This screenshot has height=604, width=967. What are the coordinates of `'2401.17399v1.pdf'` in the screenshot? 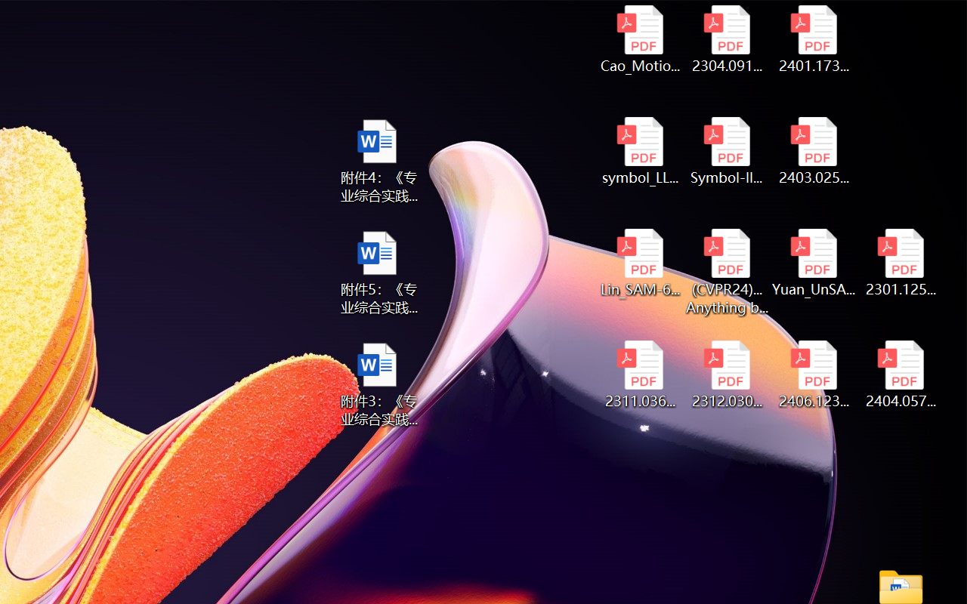 It's located at (813, 39).